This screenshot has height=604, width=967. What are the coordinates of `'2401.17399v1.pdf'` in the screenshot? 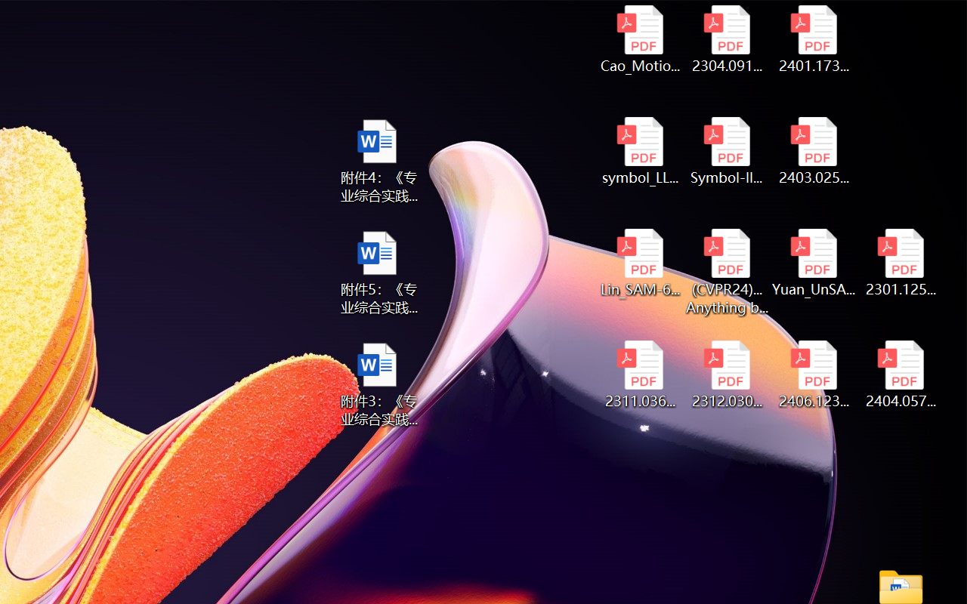 It's located at (813, 39).